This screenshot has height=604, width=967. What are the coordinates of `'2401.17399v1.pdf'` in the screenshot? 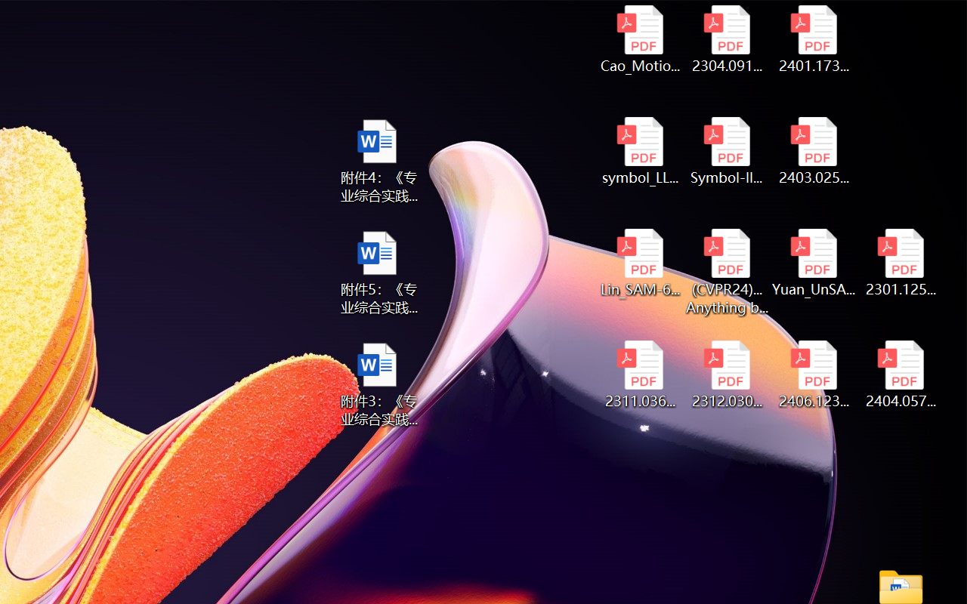 It's located at (813, 39).